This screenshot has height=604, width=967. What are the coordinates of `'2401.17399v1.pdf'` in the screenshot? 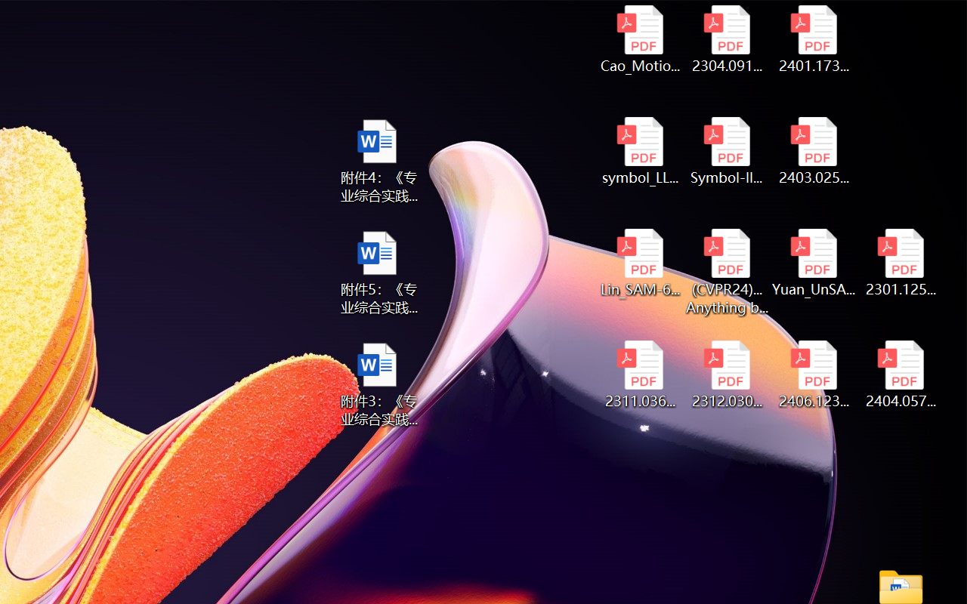 It's located at (813, 39).